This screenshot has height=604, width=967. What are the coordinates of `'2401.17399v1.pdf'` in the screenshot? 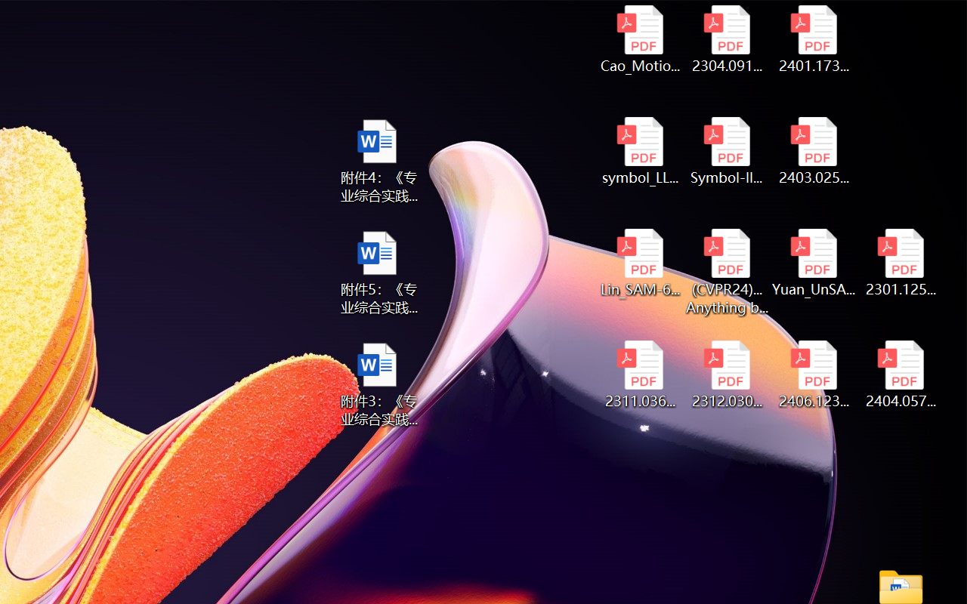 It's located at (813, 39).